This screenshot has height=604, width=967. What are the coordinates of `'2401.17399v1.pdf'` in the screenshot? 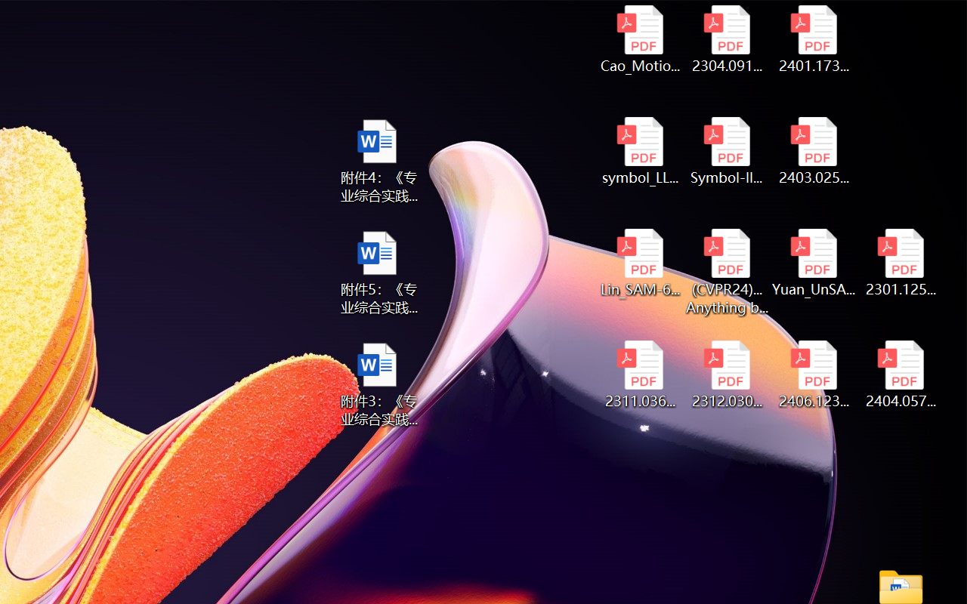 It's located at (813, 39).